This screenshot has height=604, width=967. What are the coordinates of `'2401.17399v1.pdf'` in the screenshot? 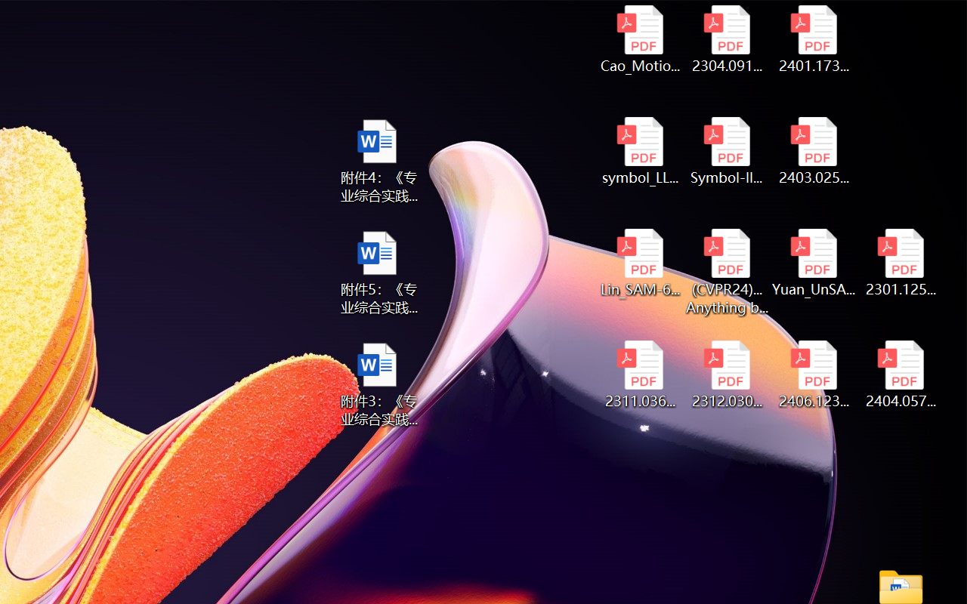 It's located at (813, 39).